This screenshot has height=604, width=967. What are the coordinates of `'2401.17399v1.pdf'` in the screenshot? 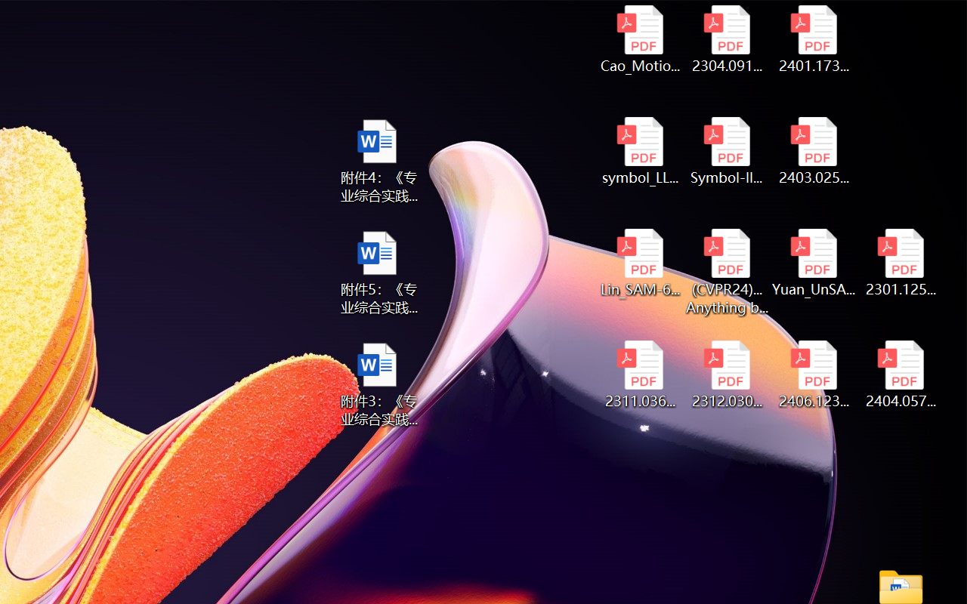 It's located at (813, 39).